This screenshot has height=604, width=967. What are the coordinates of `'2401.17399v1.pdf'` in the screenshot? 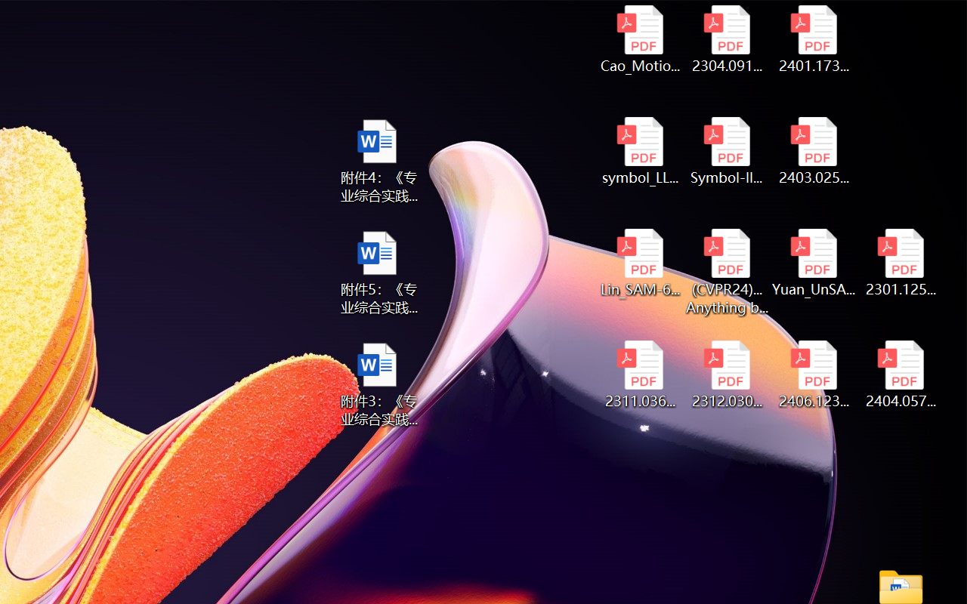 It's located at (813, 39).